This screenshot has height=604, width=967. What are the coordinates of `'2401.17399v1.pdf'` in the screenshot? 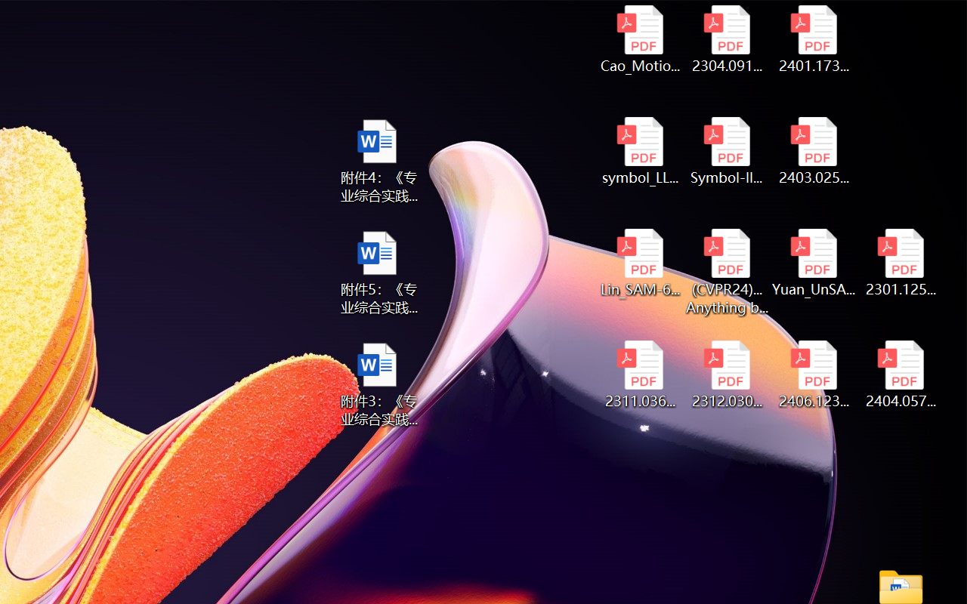 It's located at (813, 39).